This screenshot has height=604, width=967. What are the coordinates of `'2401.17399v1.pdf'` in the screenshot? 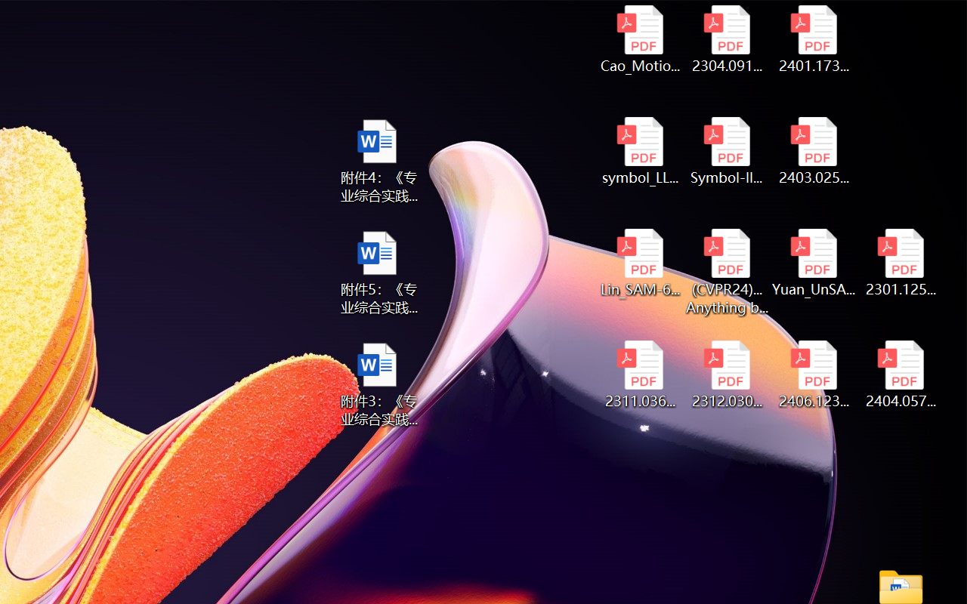 It's located at (813, 39).